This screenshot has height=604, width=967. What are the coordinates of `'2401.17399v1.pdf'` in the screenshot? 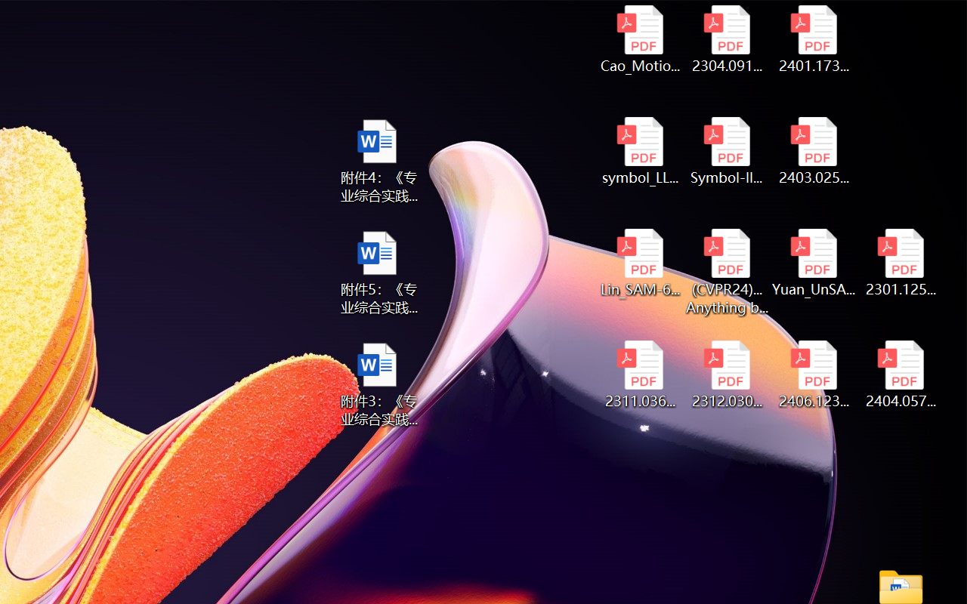 It's located at (813, 39).